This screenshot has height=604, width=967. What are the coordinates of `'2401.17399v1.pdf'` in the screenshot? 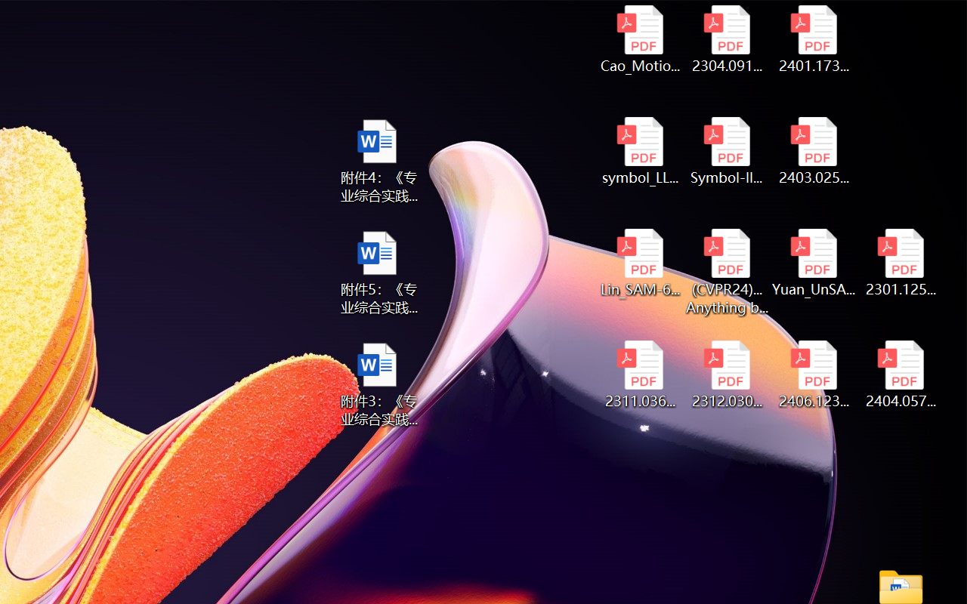 It's located at (813, 39).